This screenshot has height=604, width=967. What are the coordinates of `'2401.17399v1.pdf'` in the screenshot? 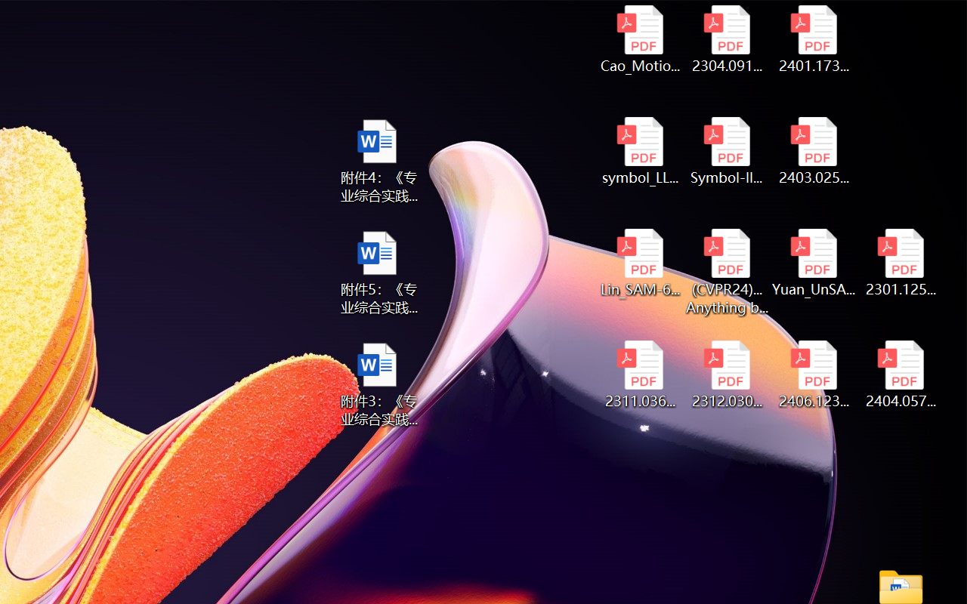 It's located at (813, 39).